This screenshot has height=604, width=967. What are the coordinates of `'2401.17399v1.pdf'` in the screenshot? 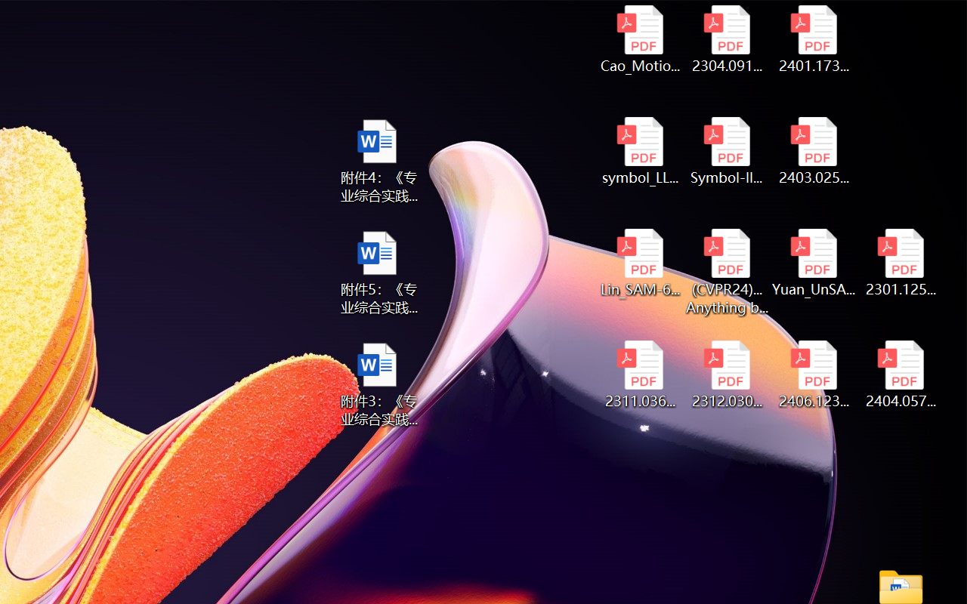 It's located at (813, 39).